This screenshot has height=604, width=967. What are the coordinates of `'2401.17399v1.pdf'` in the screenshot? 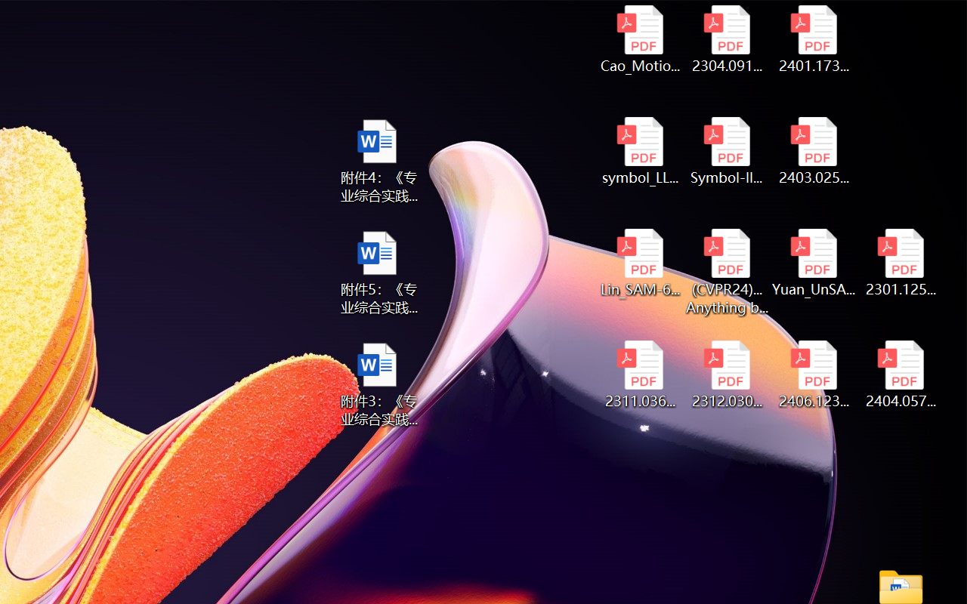 It's located at (813, 39).